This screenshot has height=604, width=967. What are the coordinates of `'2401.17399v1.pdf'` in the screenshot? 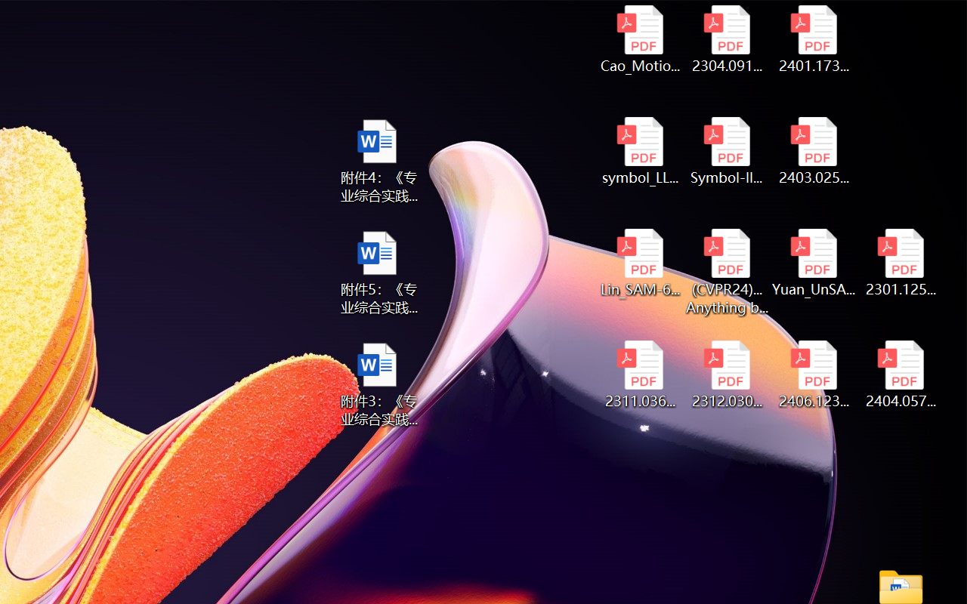 It's located at (813, 39).